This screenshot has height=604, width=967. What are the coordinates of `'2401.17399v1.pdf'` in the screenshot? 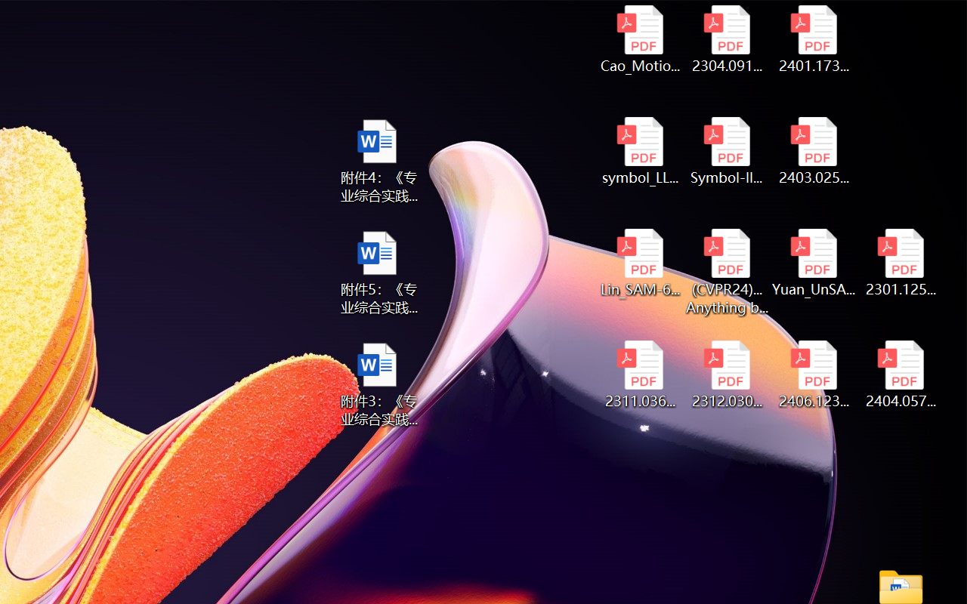 It's located at (813, 39).